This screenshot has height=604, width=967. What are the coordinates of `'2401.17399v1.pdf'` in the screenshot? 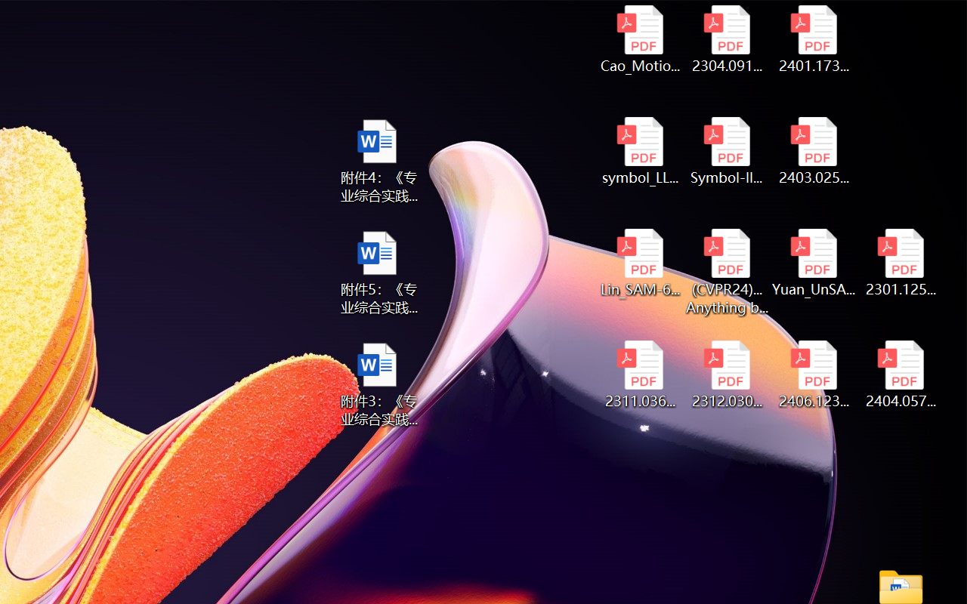 It's located at (813, 39).